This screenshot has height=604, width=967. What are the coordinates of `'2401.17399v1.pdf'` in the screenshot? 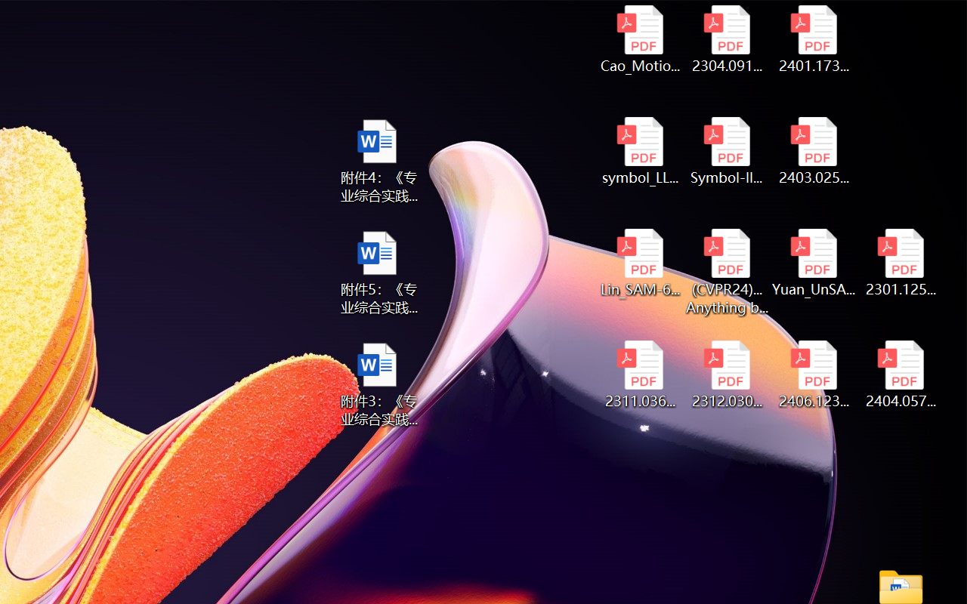 It's located at (813, 39).